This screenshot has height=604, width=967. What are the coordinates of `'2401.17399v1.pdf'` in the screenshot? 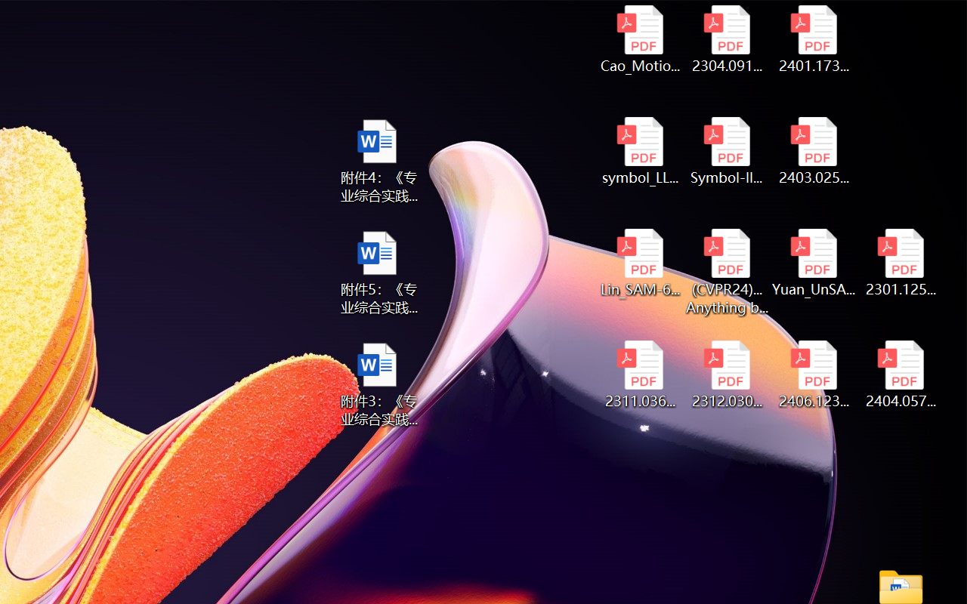 It's located at (813, 39).